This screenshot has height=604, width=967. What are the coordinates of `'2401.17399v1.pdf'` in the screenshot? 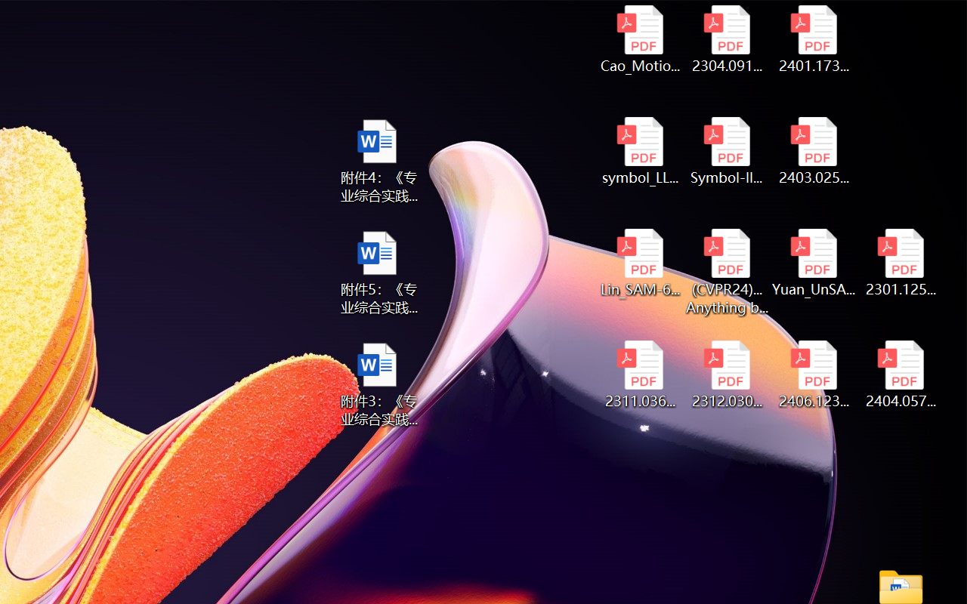 It's located at (813, 39).